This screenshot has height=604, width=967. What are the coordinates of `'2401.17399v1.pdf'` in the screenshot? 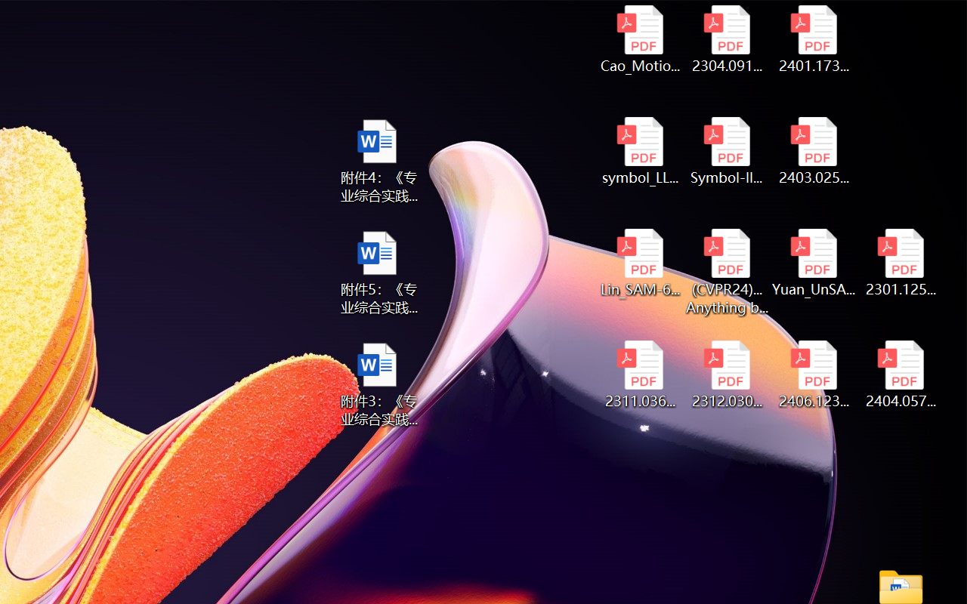 It's located at (813, 39).